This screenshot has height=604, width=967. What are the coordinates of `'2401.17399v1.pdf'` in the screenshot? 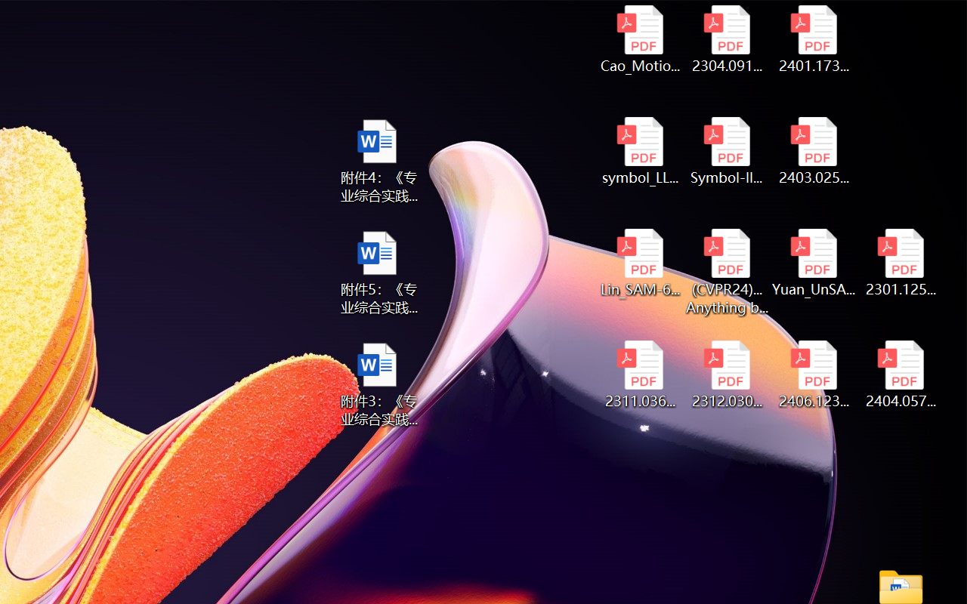 It's located at (813, 39).